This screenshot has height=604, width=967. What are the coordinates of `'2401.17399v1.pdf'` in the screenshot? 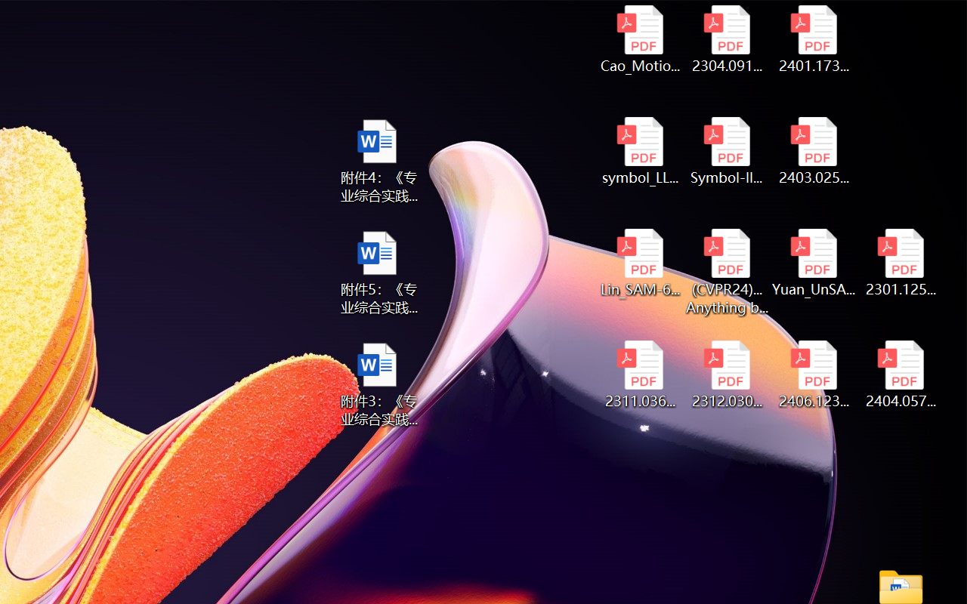 It's located at (813, 39).